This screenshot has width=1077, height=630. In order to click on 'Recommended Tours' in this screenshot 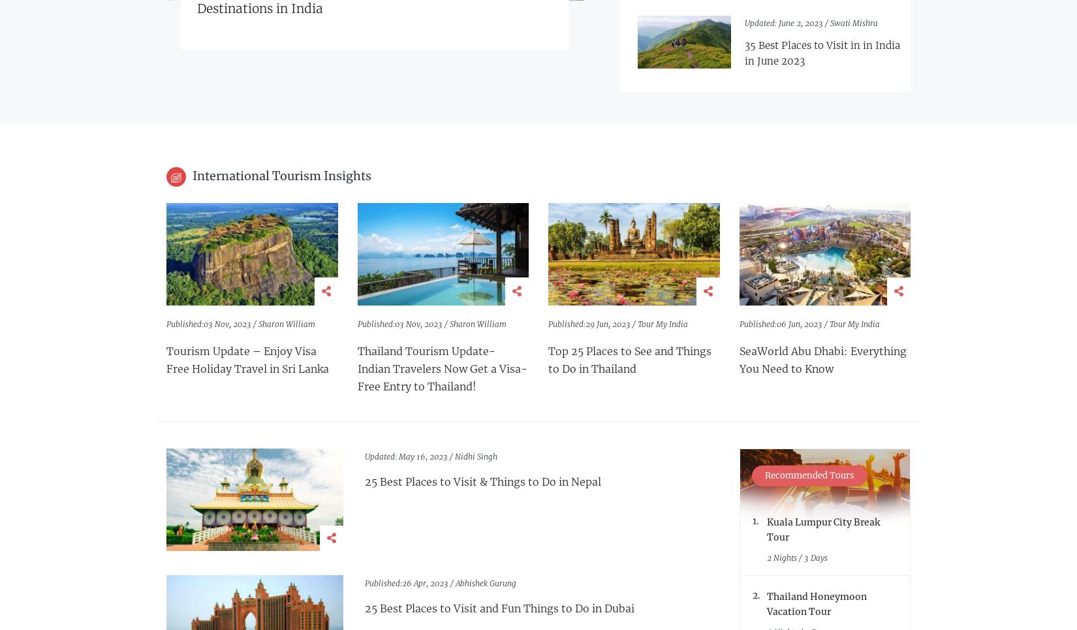, I will do `click(808, 475)`.